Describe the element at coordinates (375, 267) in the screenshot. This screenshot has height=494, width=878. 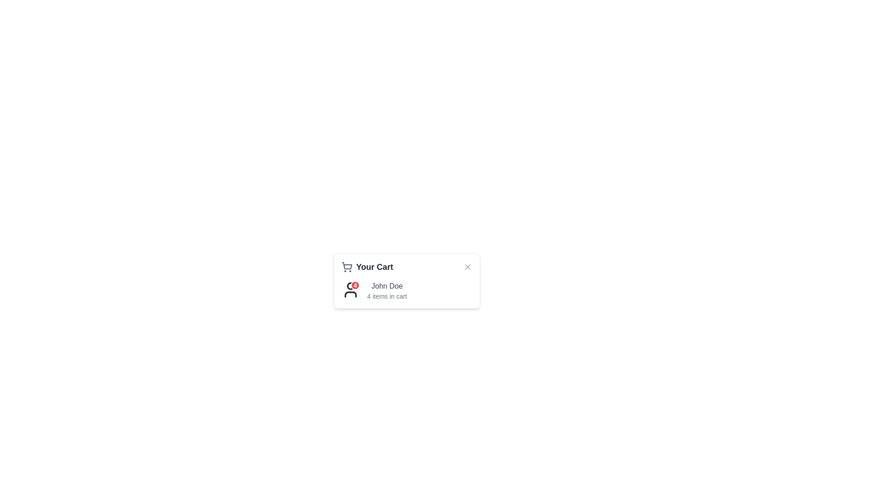
I see `the static text label that identifies the cart view, located at the top-center of the interface, to the left of other textual information` at that location.